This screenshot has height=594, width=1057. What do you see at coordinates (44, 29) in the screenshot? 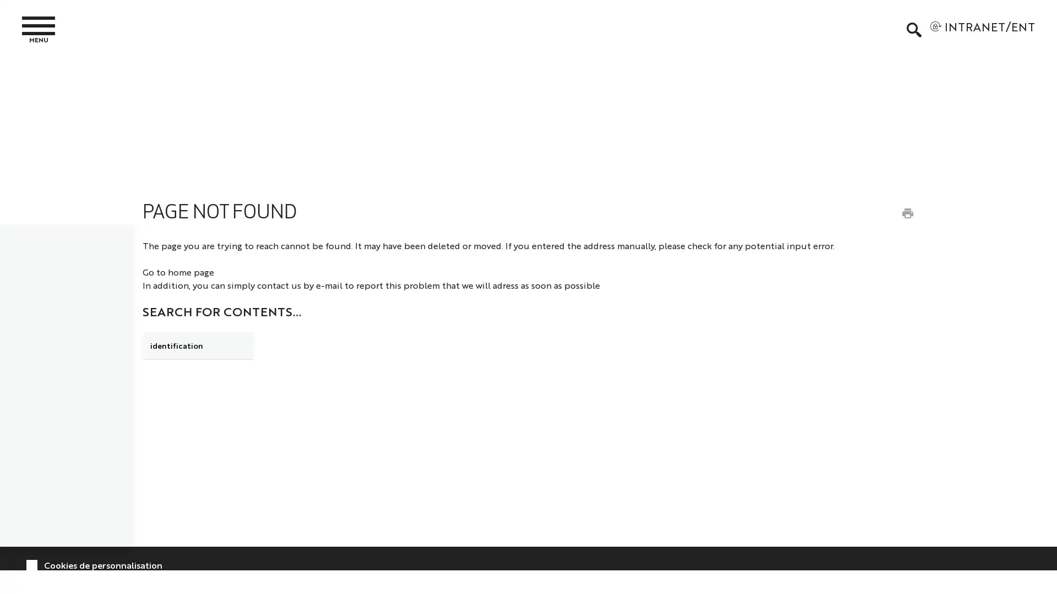
I see `OPEN MENU MENU` at bounding box center [44, 29].